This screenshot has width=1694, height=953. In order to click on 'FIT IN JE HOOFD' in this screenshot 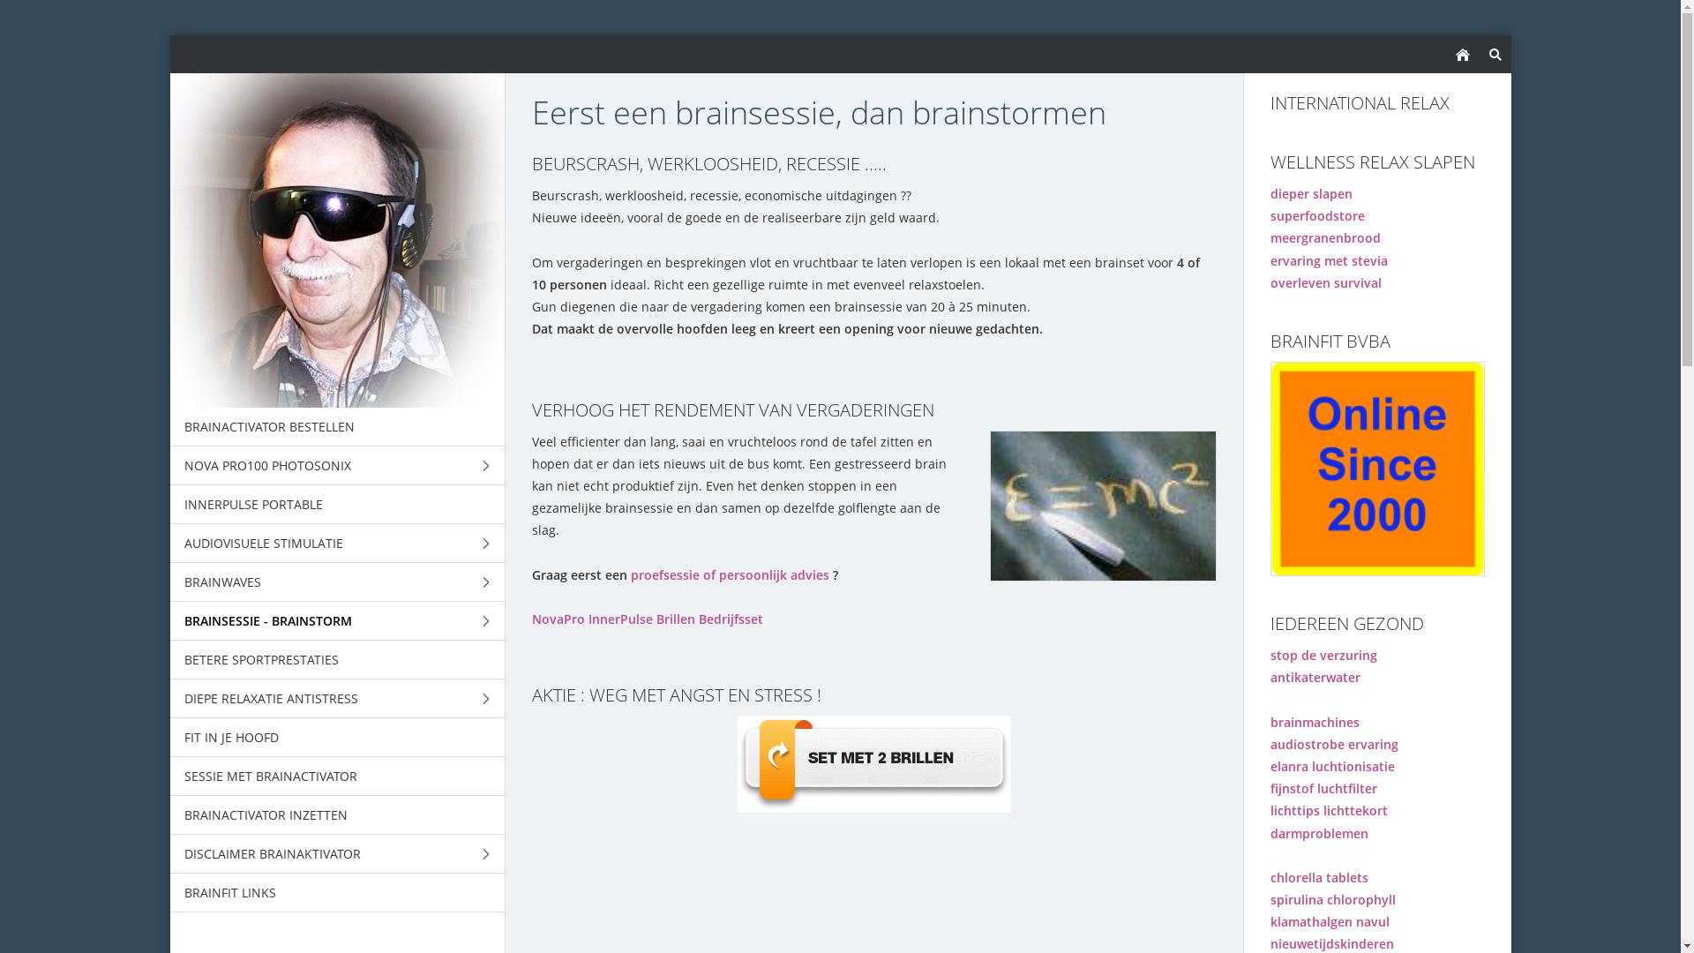, I will do `click(336, 738)`.